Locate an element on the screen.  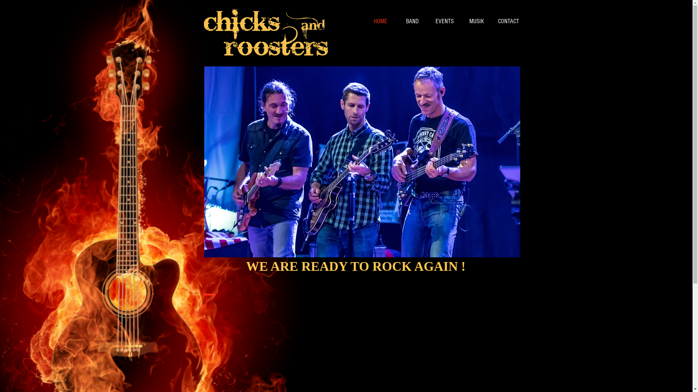
'BAND' is located at coordinates (396, 21).